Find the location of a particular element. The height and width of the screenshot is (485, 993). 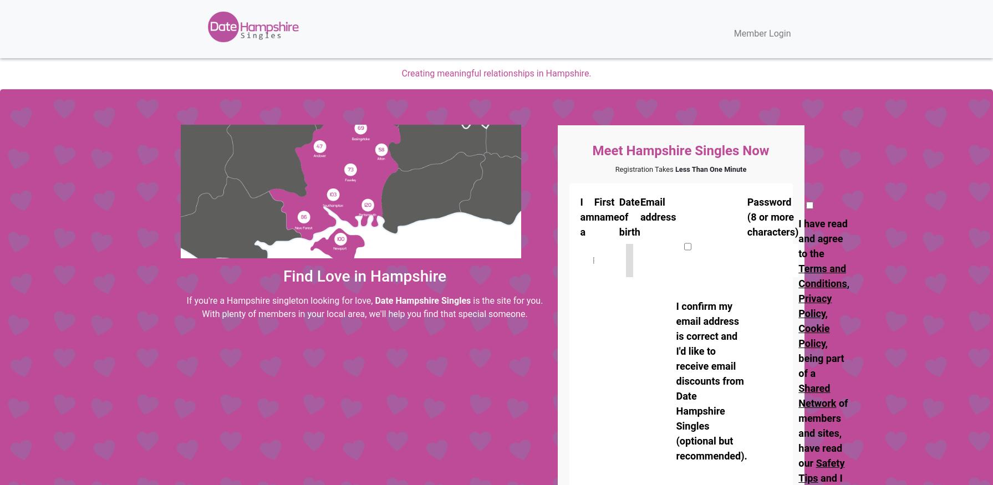

'Member Login' is located at coordinates (761, 32).